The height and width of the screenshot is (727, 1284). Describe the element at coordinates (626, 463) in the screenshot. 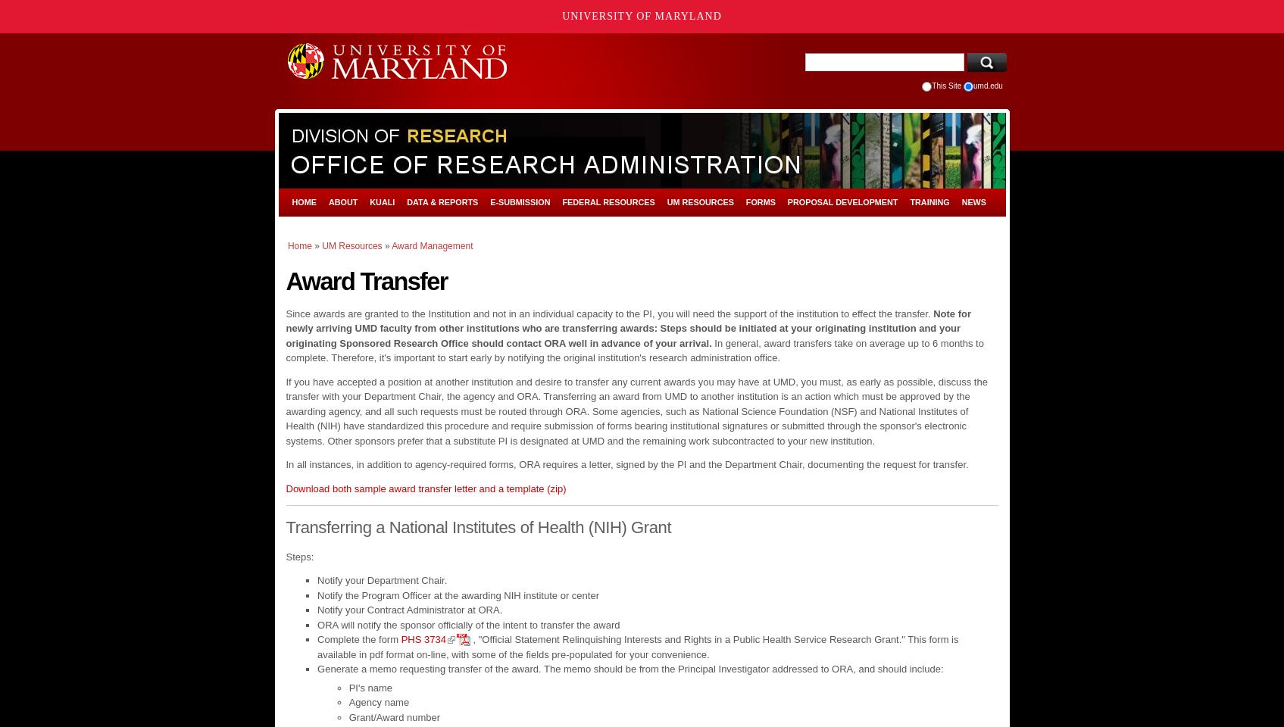

I see `'In all instances, in addition to agency-required forms, ORA requires a letter, signed by the PI and the Department Chair, documenting the request for transfer.'` at that location.